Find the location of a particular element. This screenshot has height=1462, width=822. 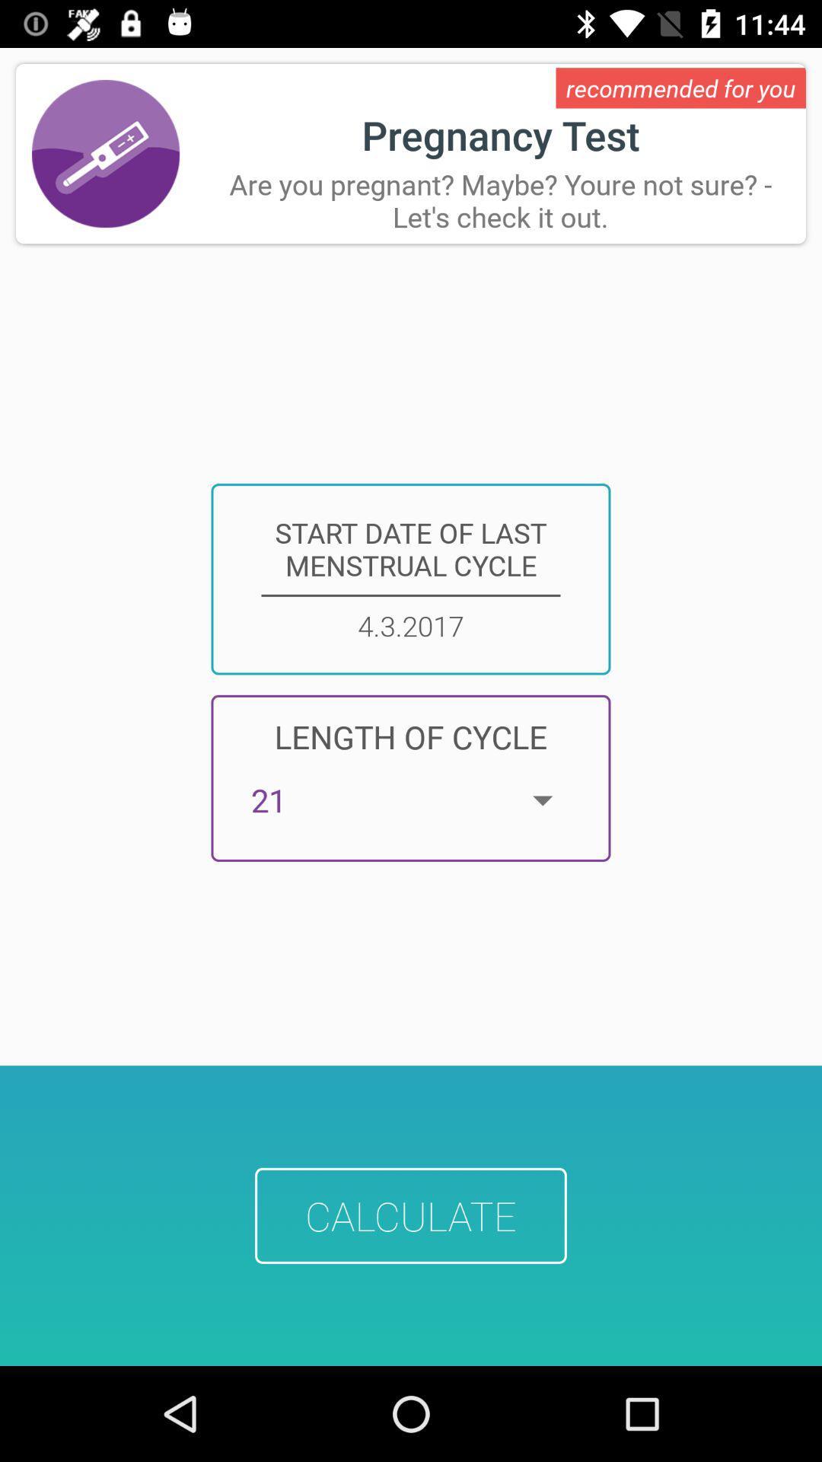

item below 21 app is located at coordinates (411, 1215).